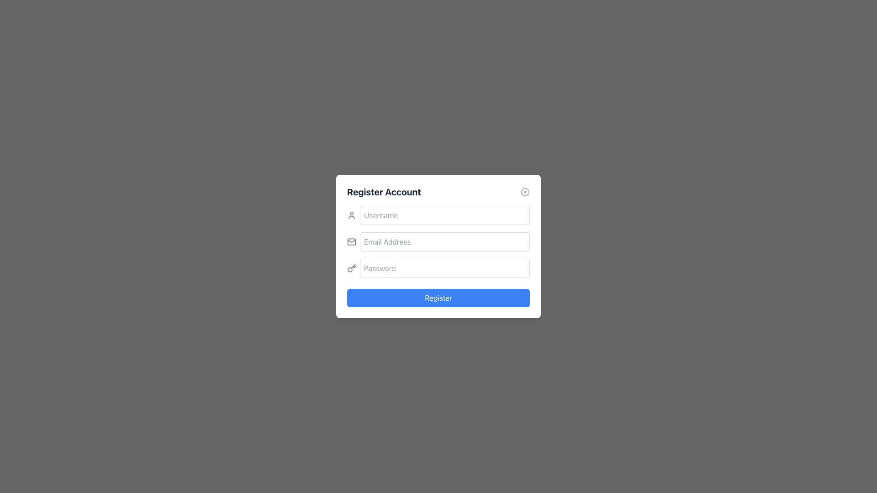  What do you see at coordinates (351, 241) in the screenshot?
I see `the background rectangle component of the envelope icon, which is styled with a muted, neutral color and located to the left of the 'Email Address' text input field` at bounding box center [351, 241].